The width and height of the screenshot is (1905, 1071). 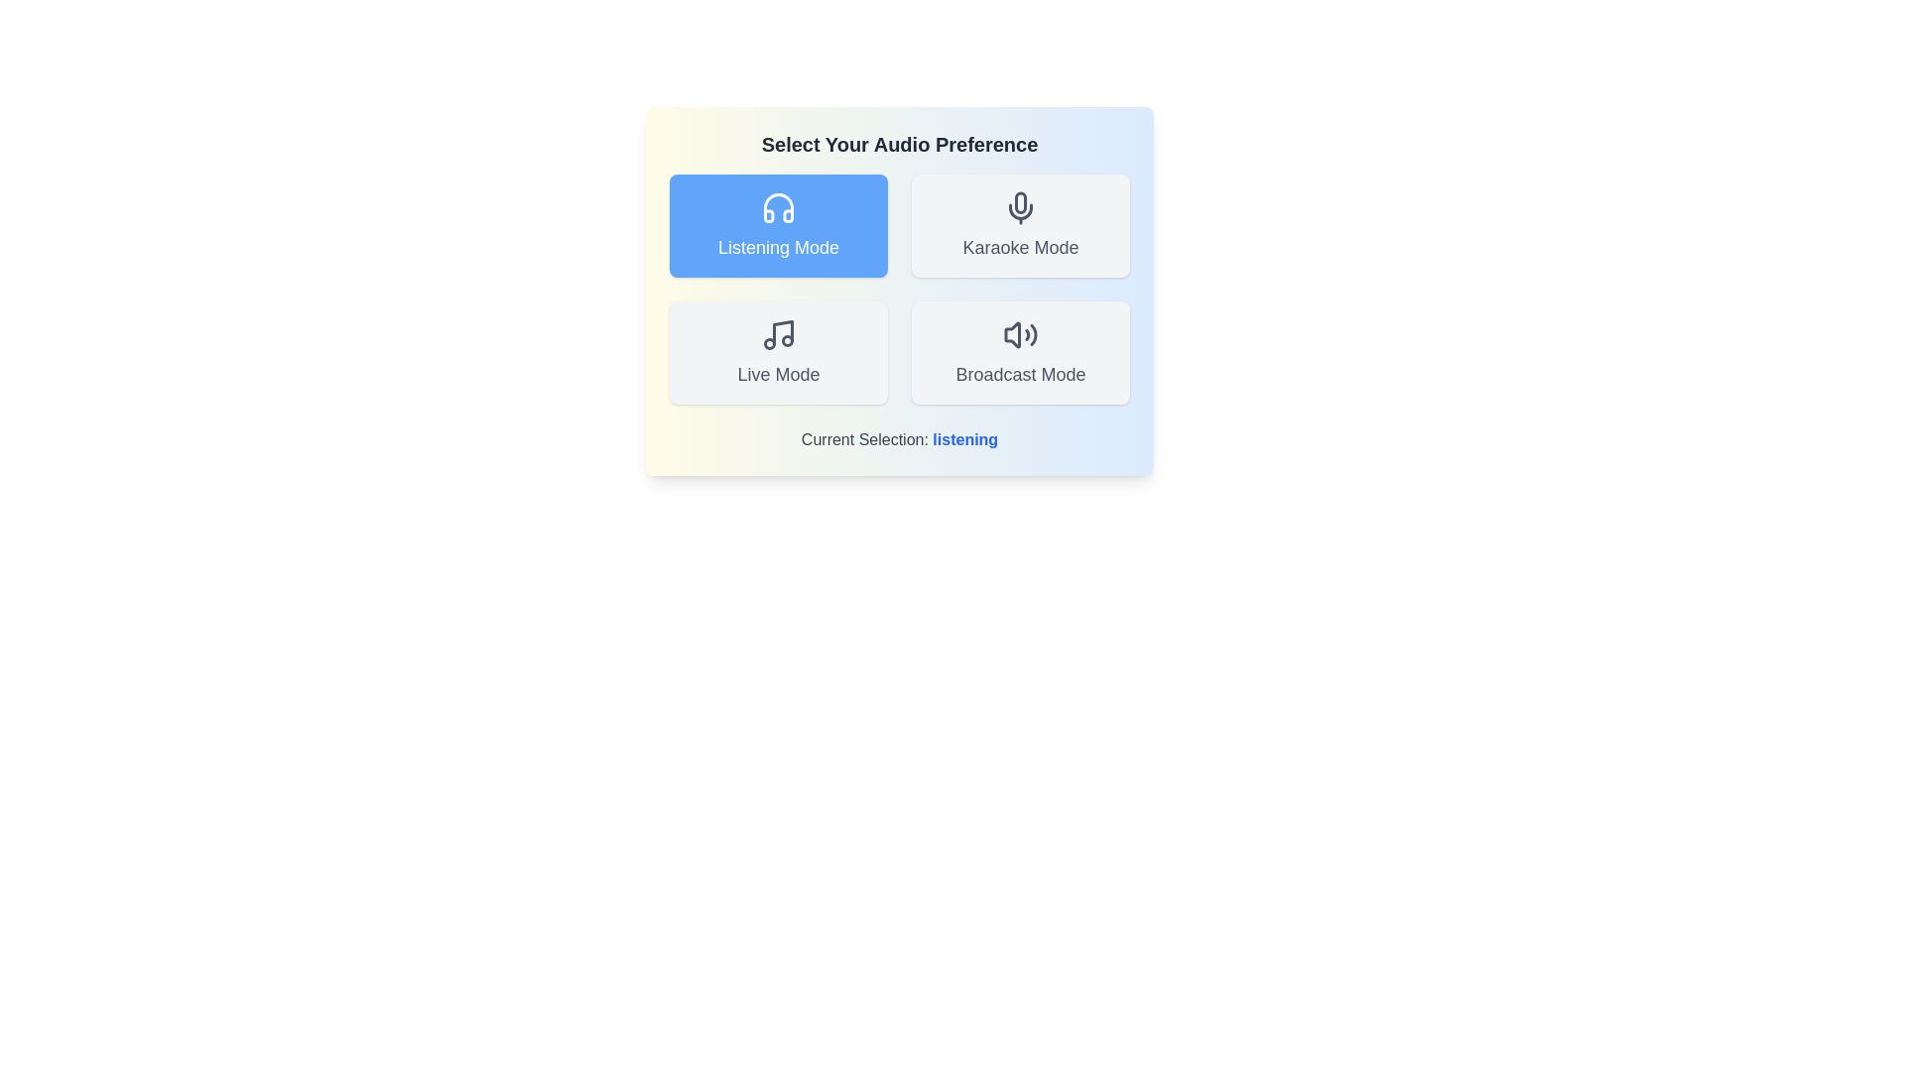 What do you see at coordinates (1020, 224) in the screenshot?
I see `the mode button for Karaoke Mode` at bounding box center [1020, 224].